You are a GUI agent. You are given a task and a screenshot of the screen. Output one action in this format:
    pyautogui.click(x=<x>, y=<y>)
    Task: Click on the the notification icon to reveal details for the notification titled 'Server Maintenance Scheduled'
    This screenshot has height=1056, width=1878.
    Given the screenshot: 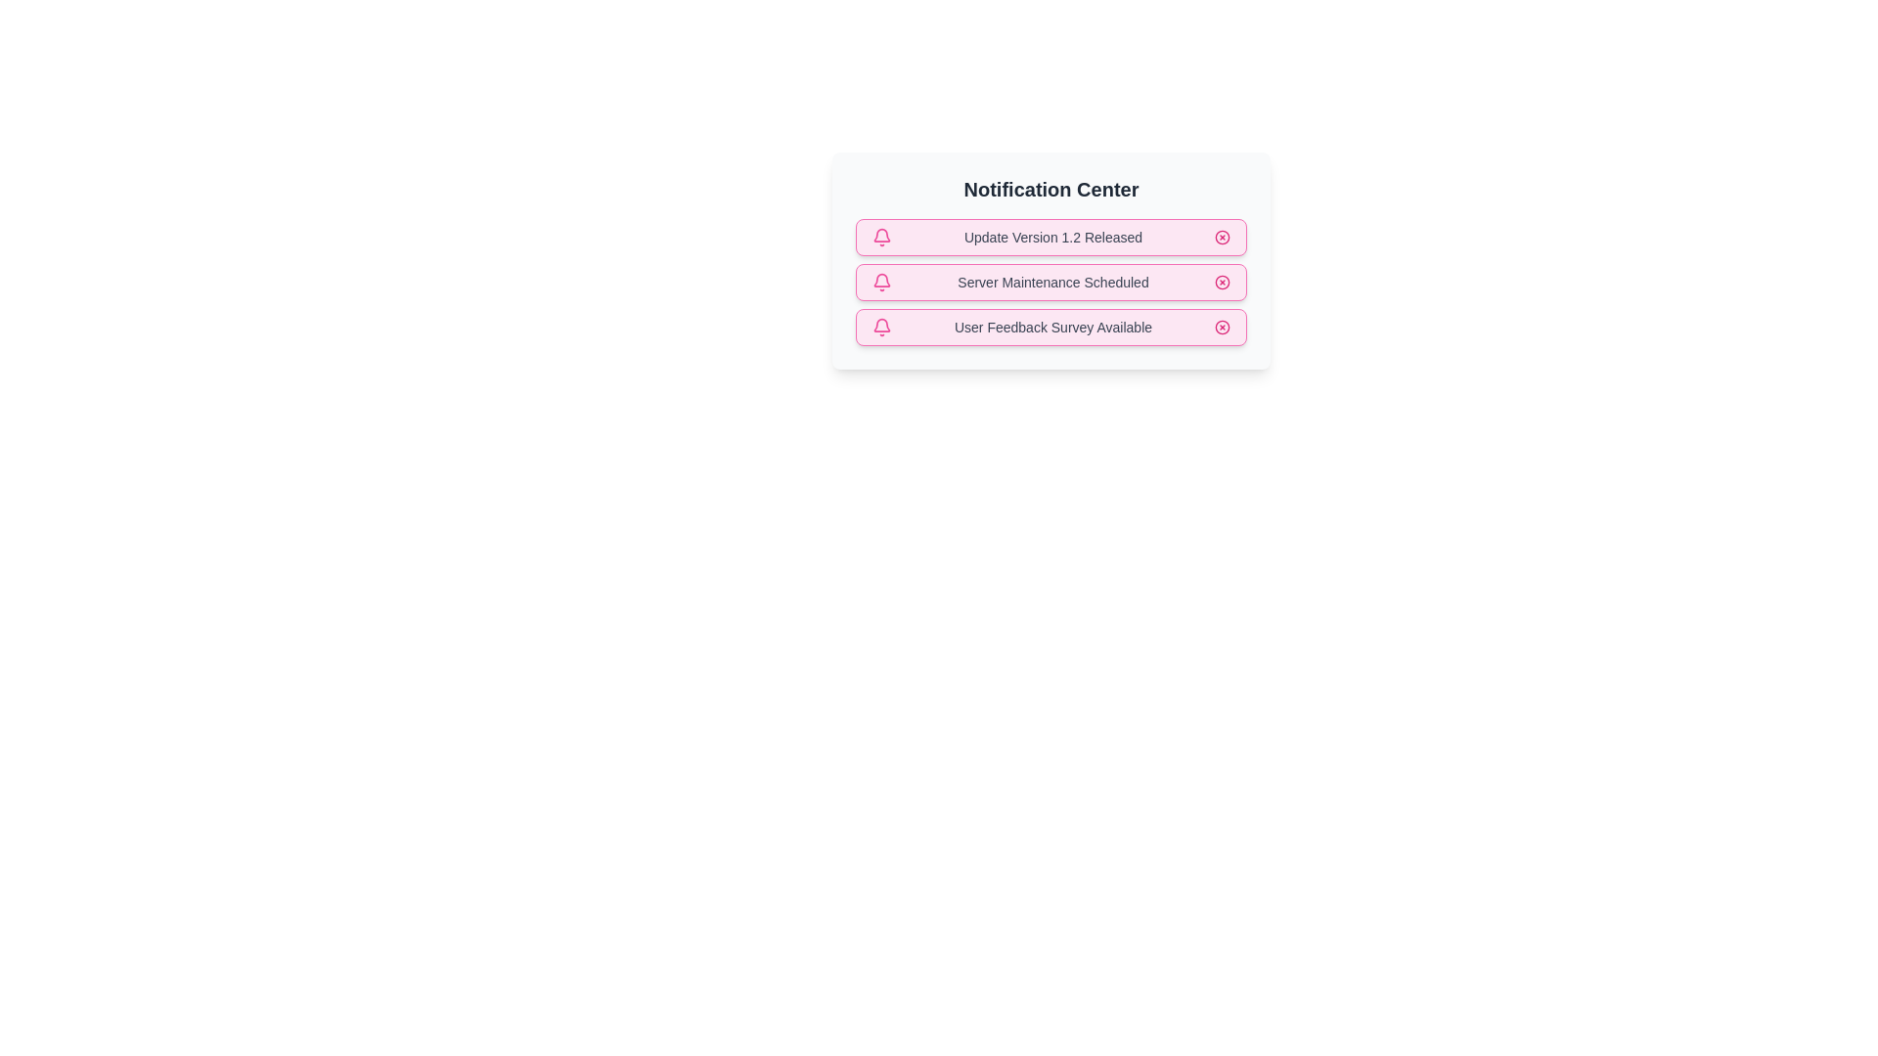 What is the action you would take?
    pyautogui.click(x=881, y=283)
    